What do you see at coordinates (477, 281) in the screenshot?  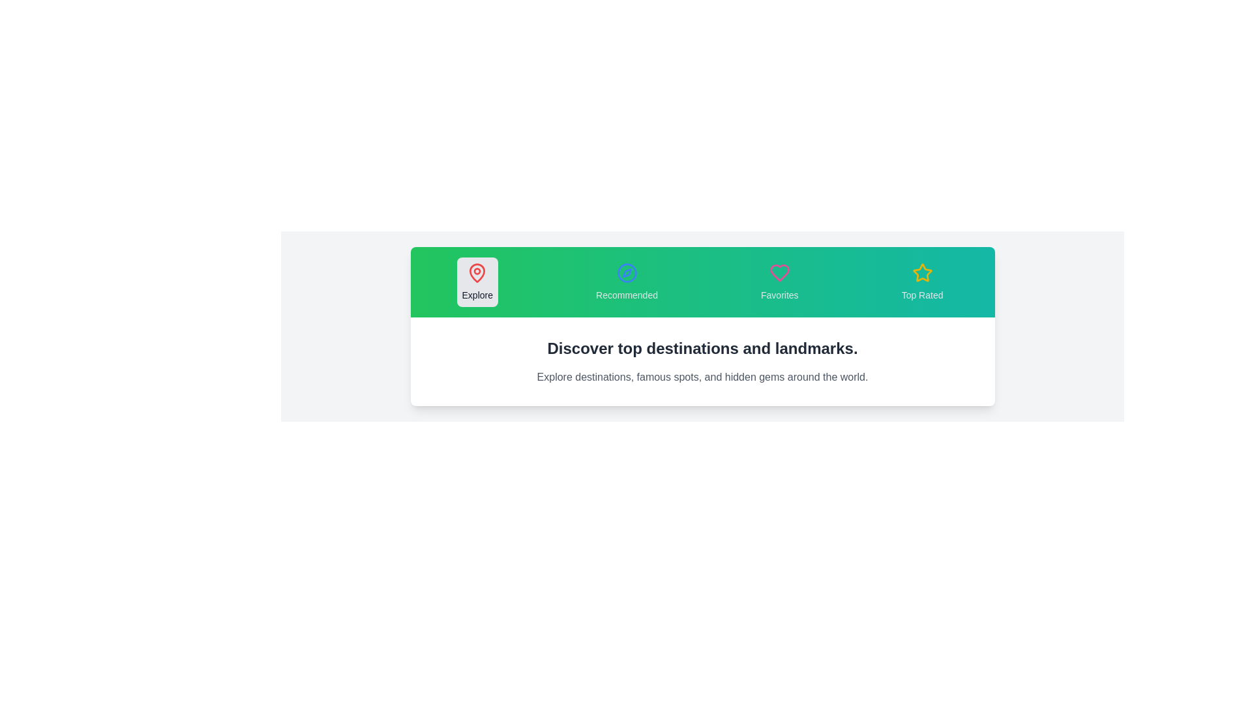 I see `the tab labeled Explore` at bounding box center [477, 281].